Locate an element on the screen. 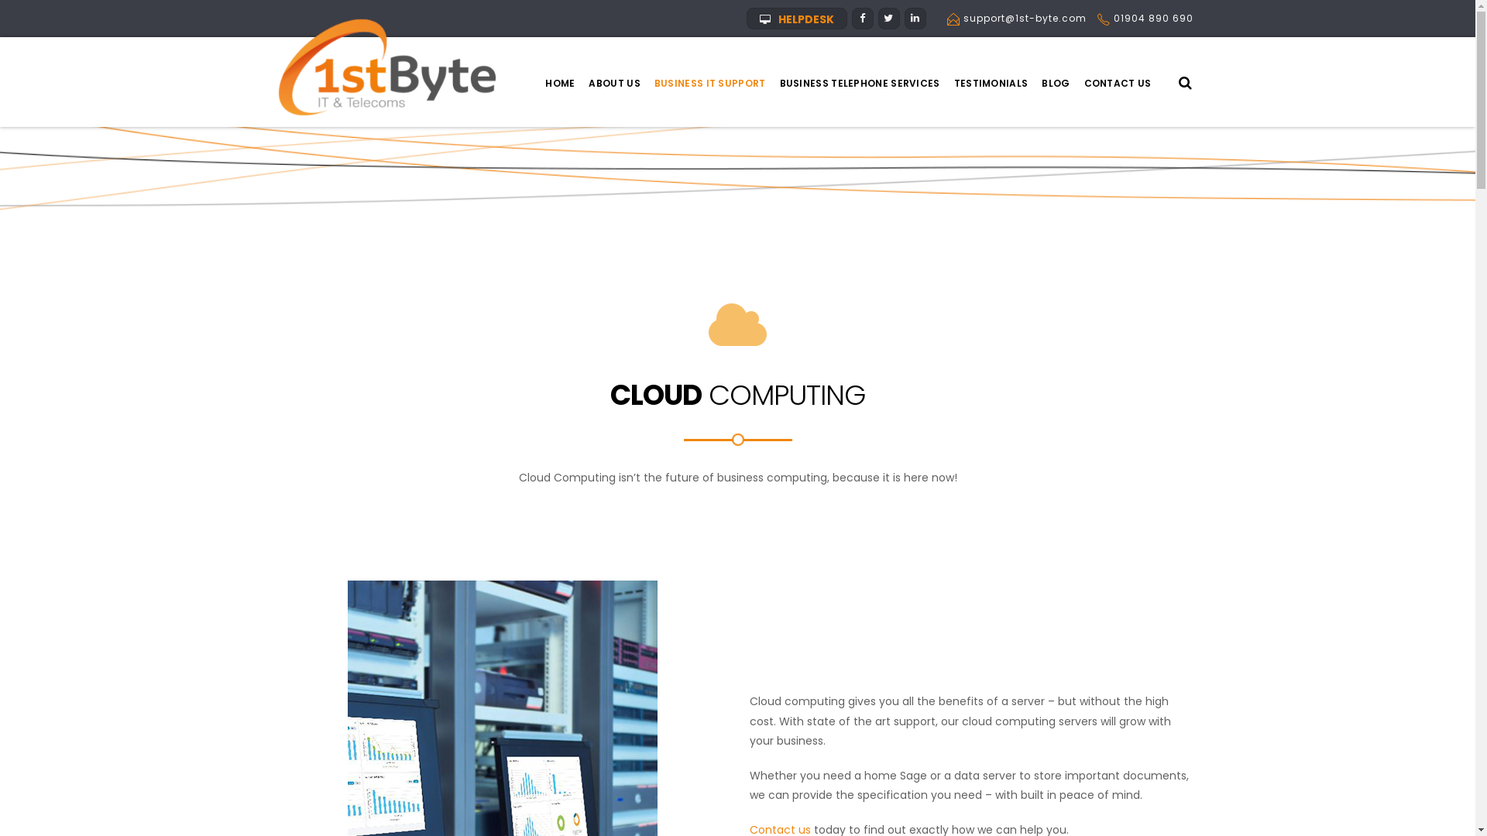 The image size is (1487, 836). 'HELPDESK' is located at coordinates (747, 18).